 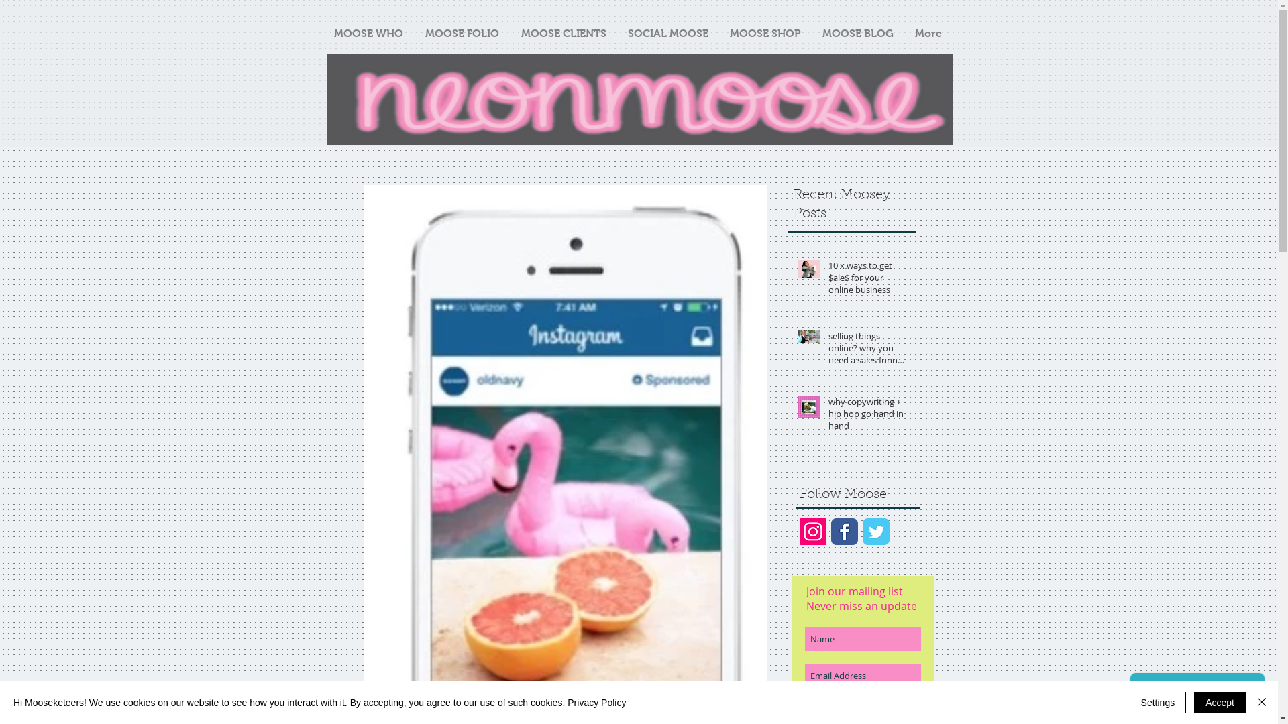 I want to click on 'SOCIAL MOOSE', so click(x=668, y=33).